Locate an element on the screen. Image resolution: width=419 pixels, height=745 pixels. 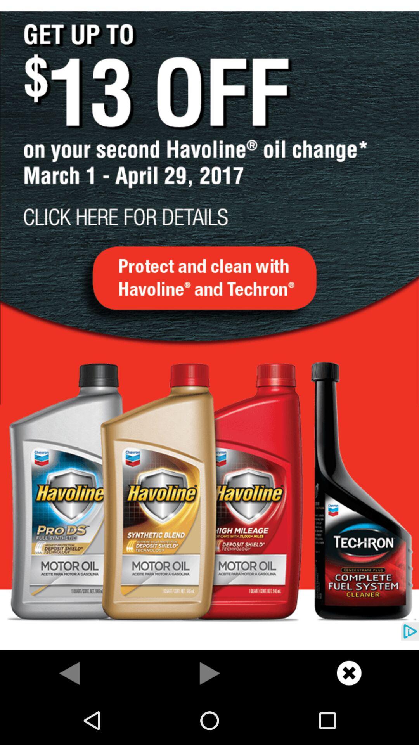
share the article is located at coordinates (348, 672).